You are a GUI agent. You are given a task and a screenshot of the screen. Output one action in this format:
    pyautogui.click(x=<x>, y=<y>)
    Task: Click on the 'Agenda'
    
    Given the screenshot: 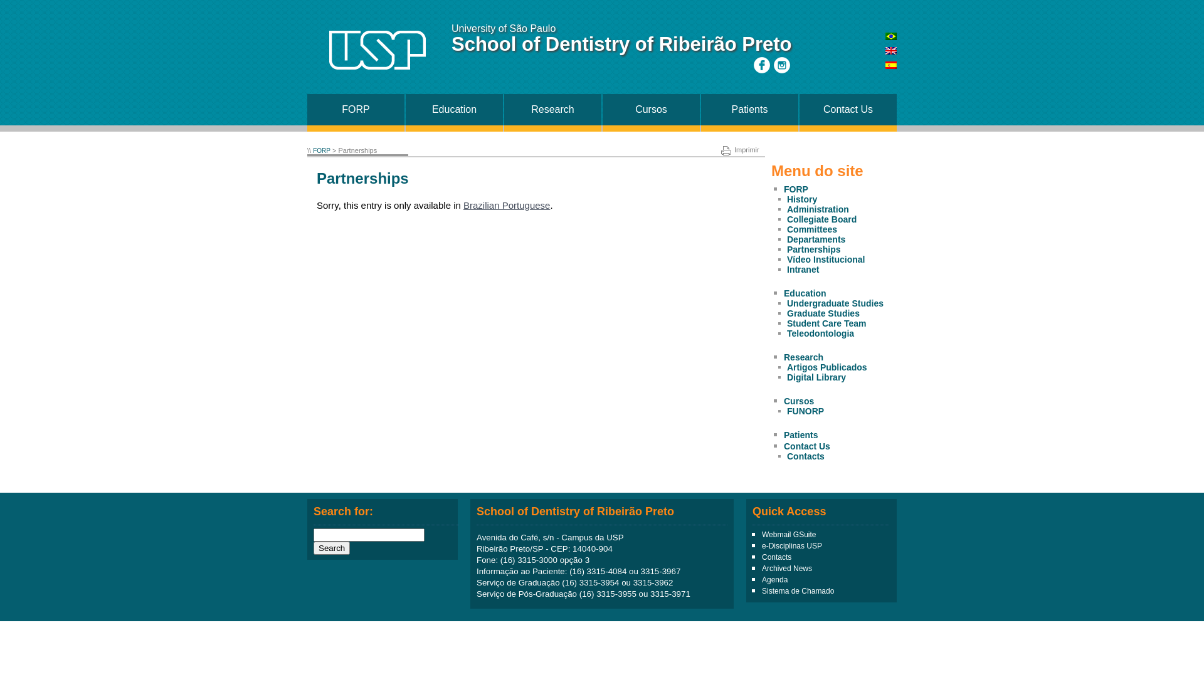 What is the action you would take?
    pyautogui.click(x=761, y=580)
    